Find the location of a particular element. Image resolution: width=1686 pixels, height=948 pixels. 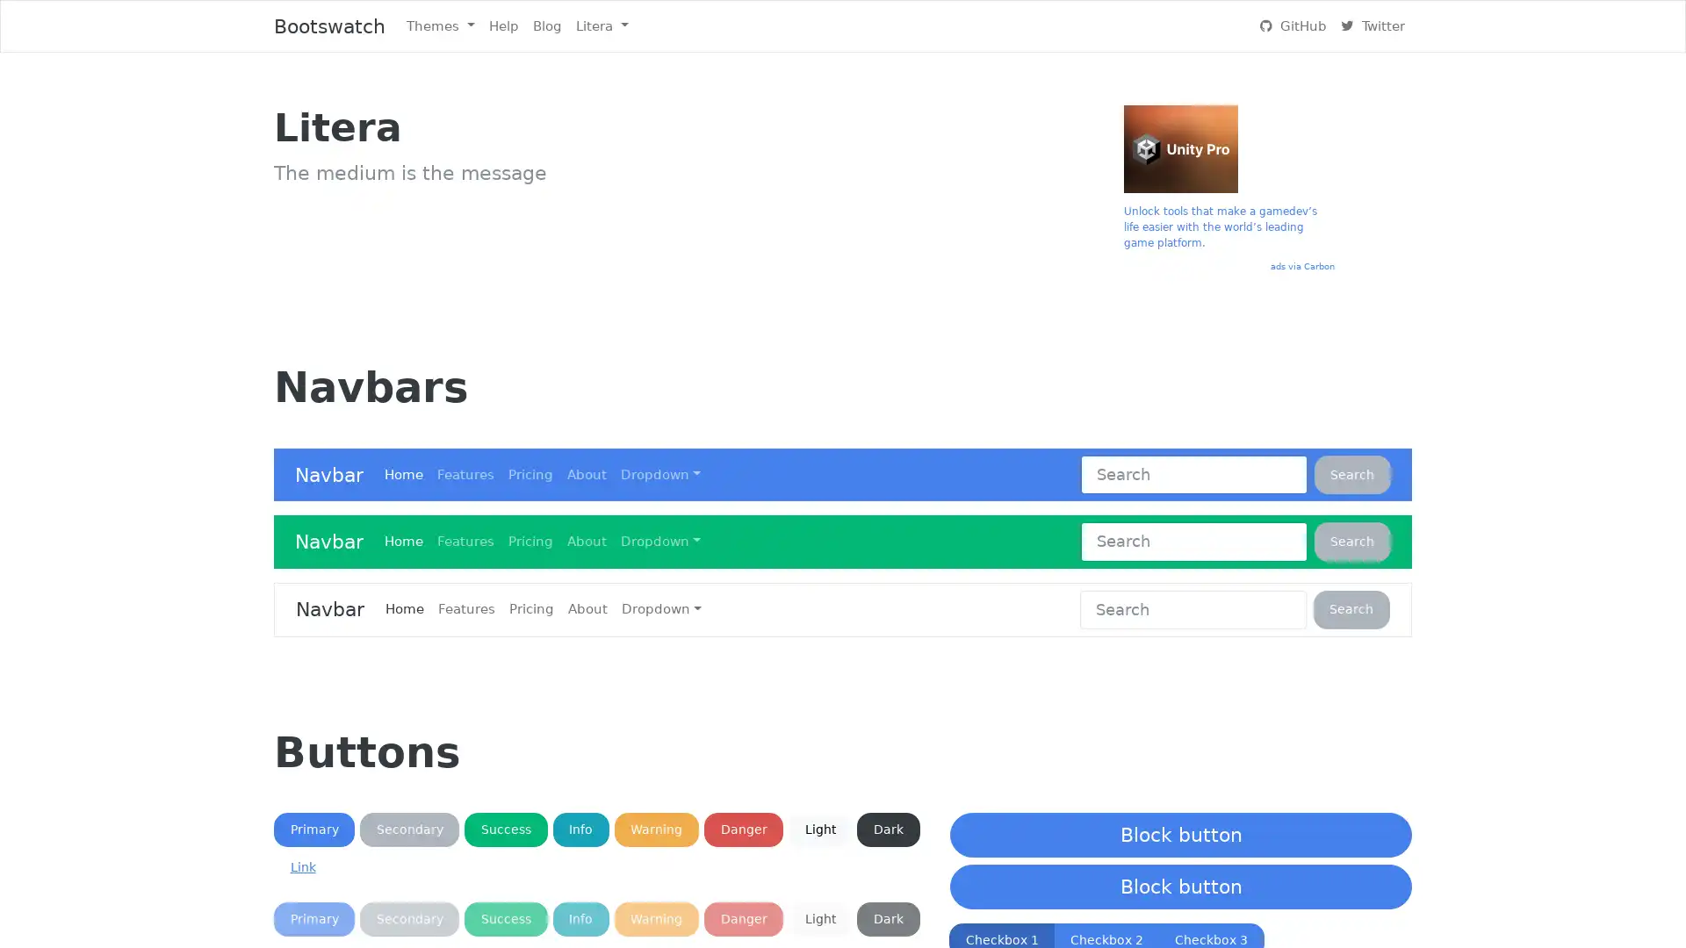

Search is located at coordinates (1351, 541).